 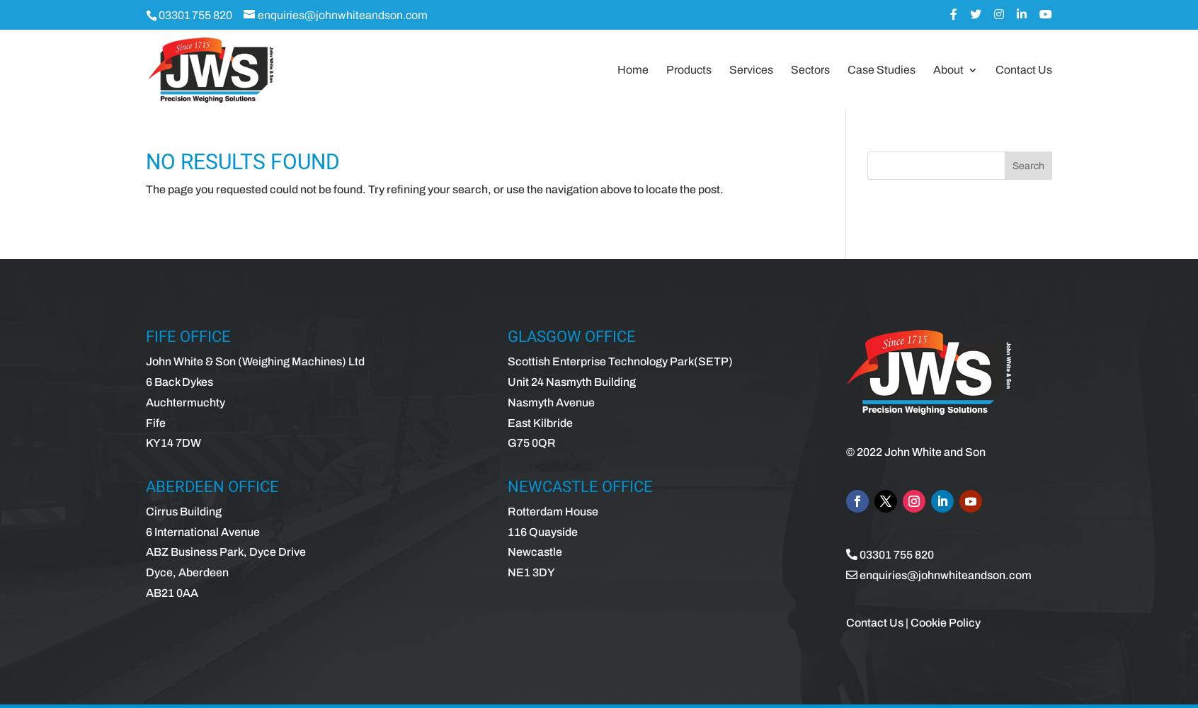 What do you see at coordinates (632, 69) in the screenshot?
I see `'Home'` at bounding box center [632, 69].